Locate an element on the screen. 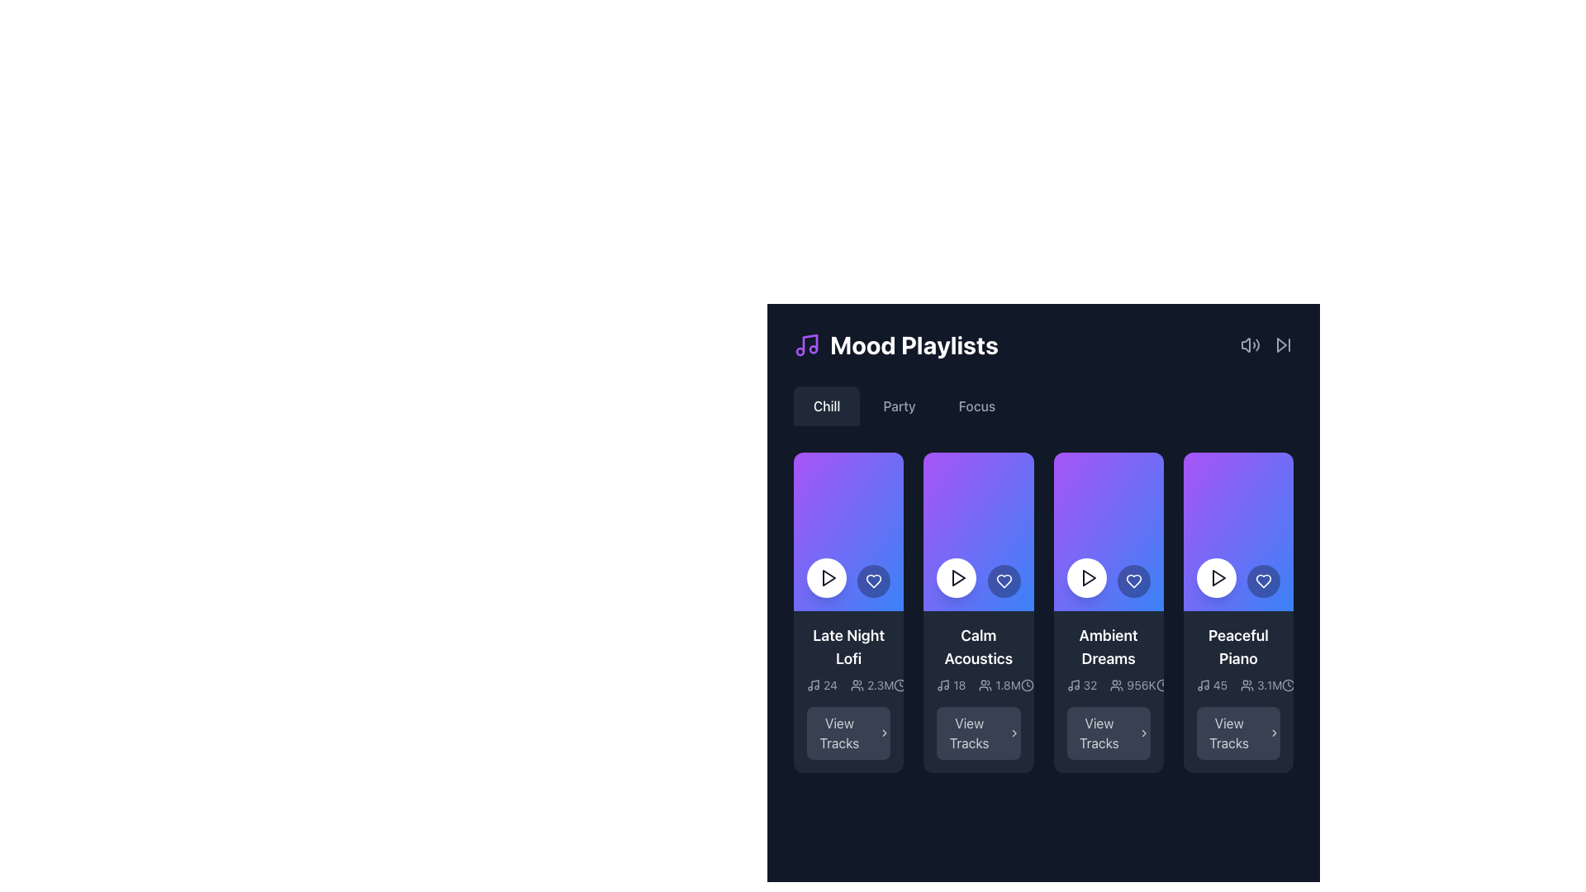  the Text label that serves as a title for the corresponding playlist, positioned above other metadata and the 'View Tracks' button, located in the last card of the horizontal row of playlist cards is located at coordinates (1238, 646).